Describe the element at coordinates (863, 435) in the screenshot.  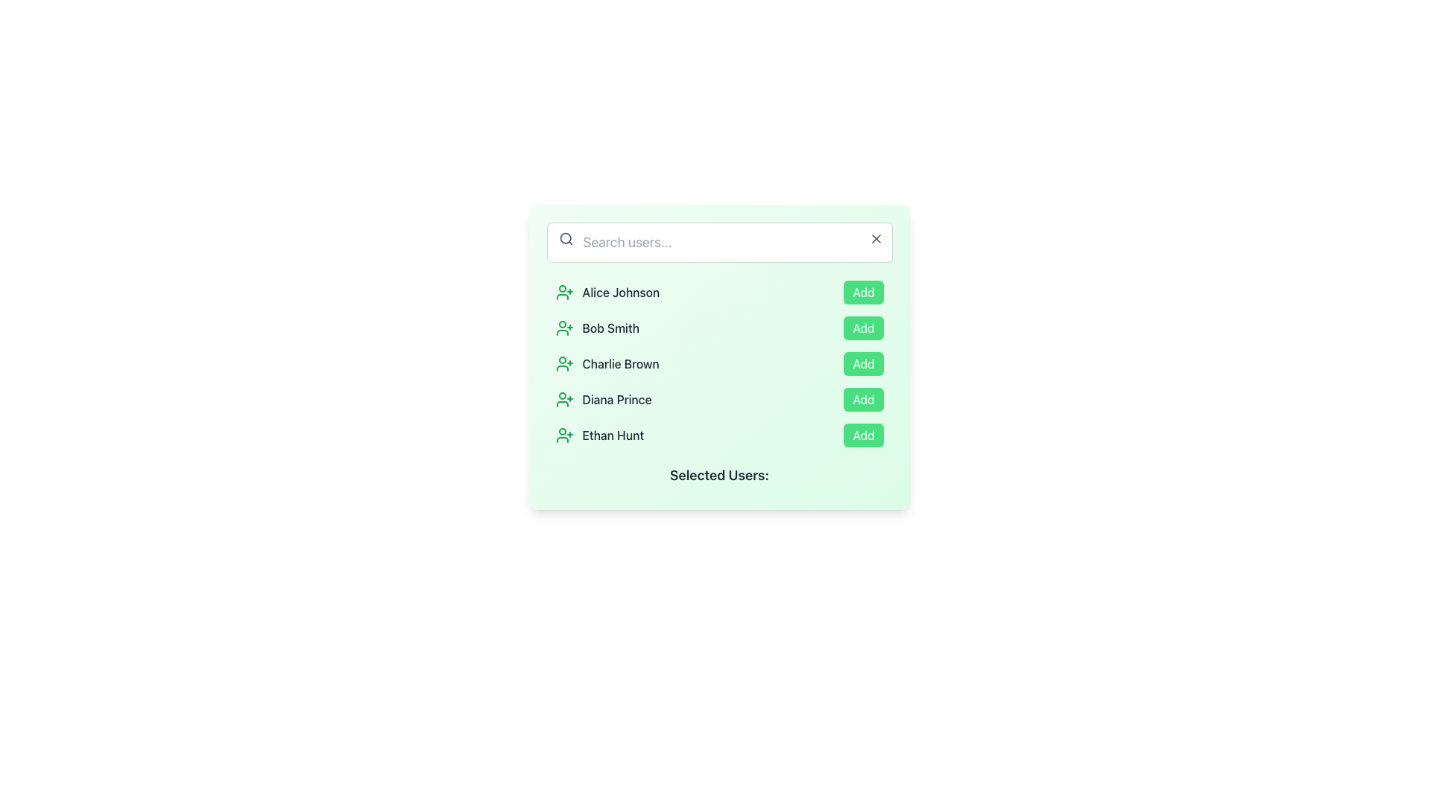
I see `the 'Add' button associated with 'Ethan Hunt'` at that location.